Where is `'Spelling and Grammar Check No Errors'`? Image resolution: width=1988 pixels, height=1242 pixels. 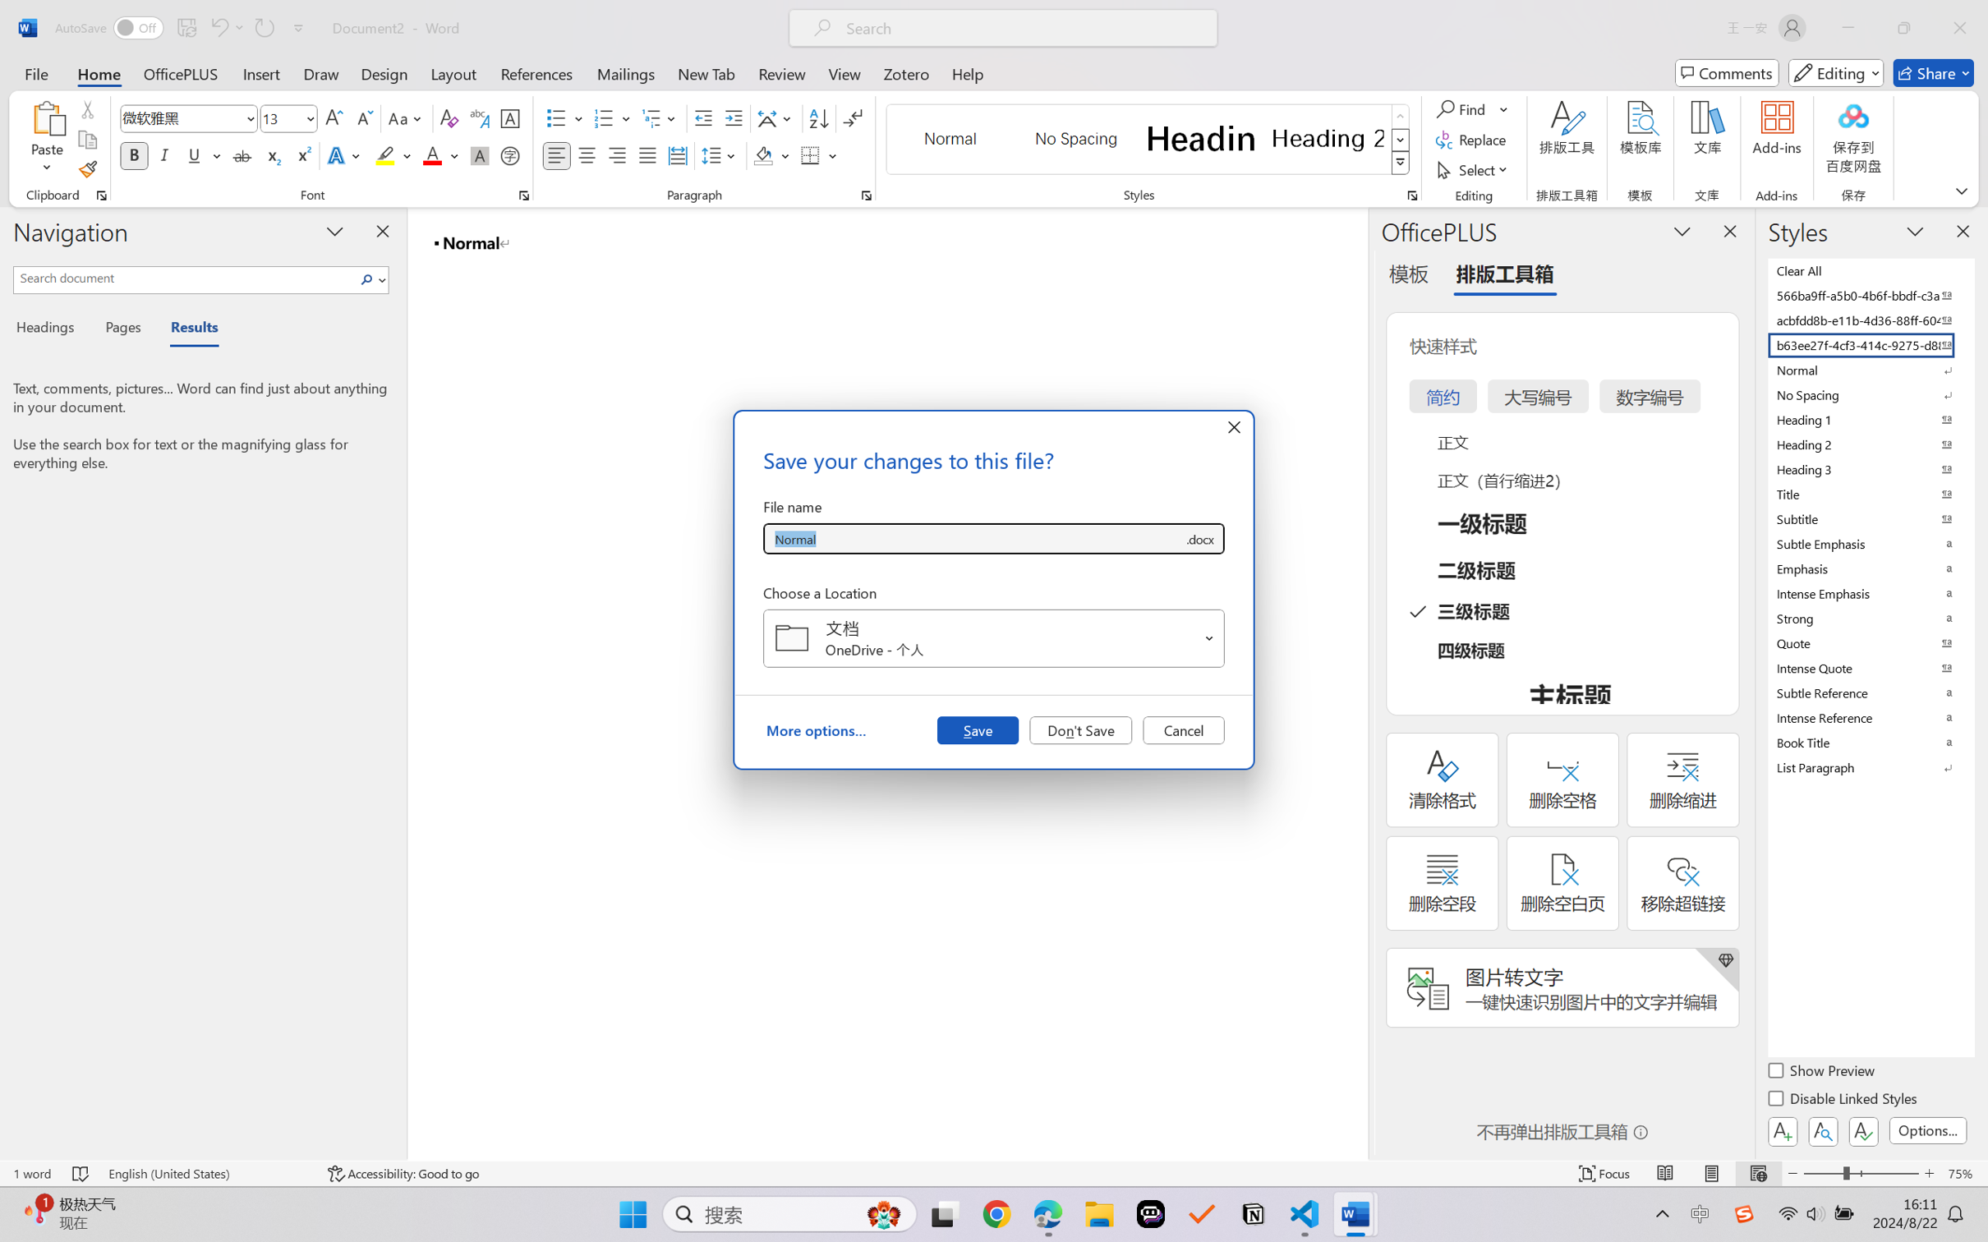
'Spelling and Grammar Check No Errors' is located at coordinates (80, 1173).